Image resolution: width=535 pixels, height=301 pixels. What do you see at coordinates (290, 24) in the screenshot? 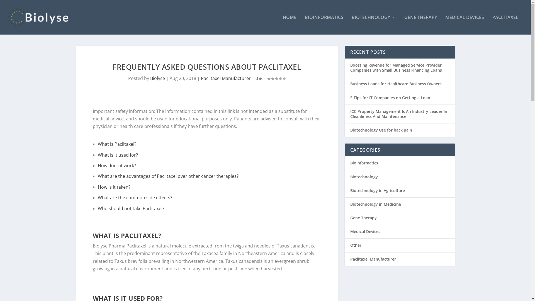
I see `'HOME'` at bounding box center [290, 24].